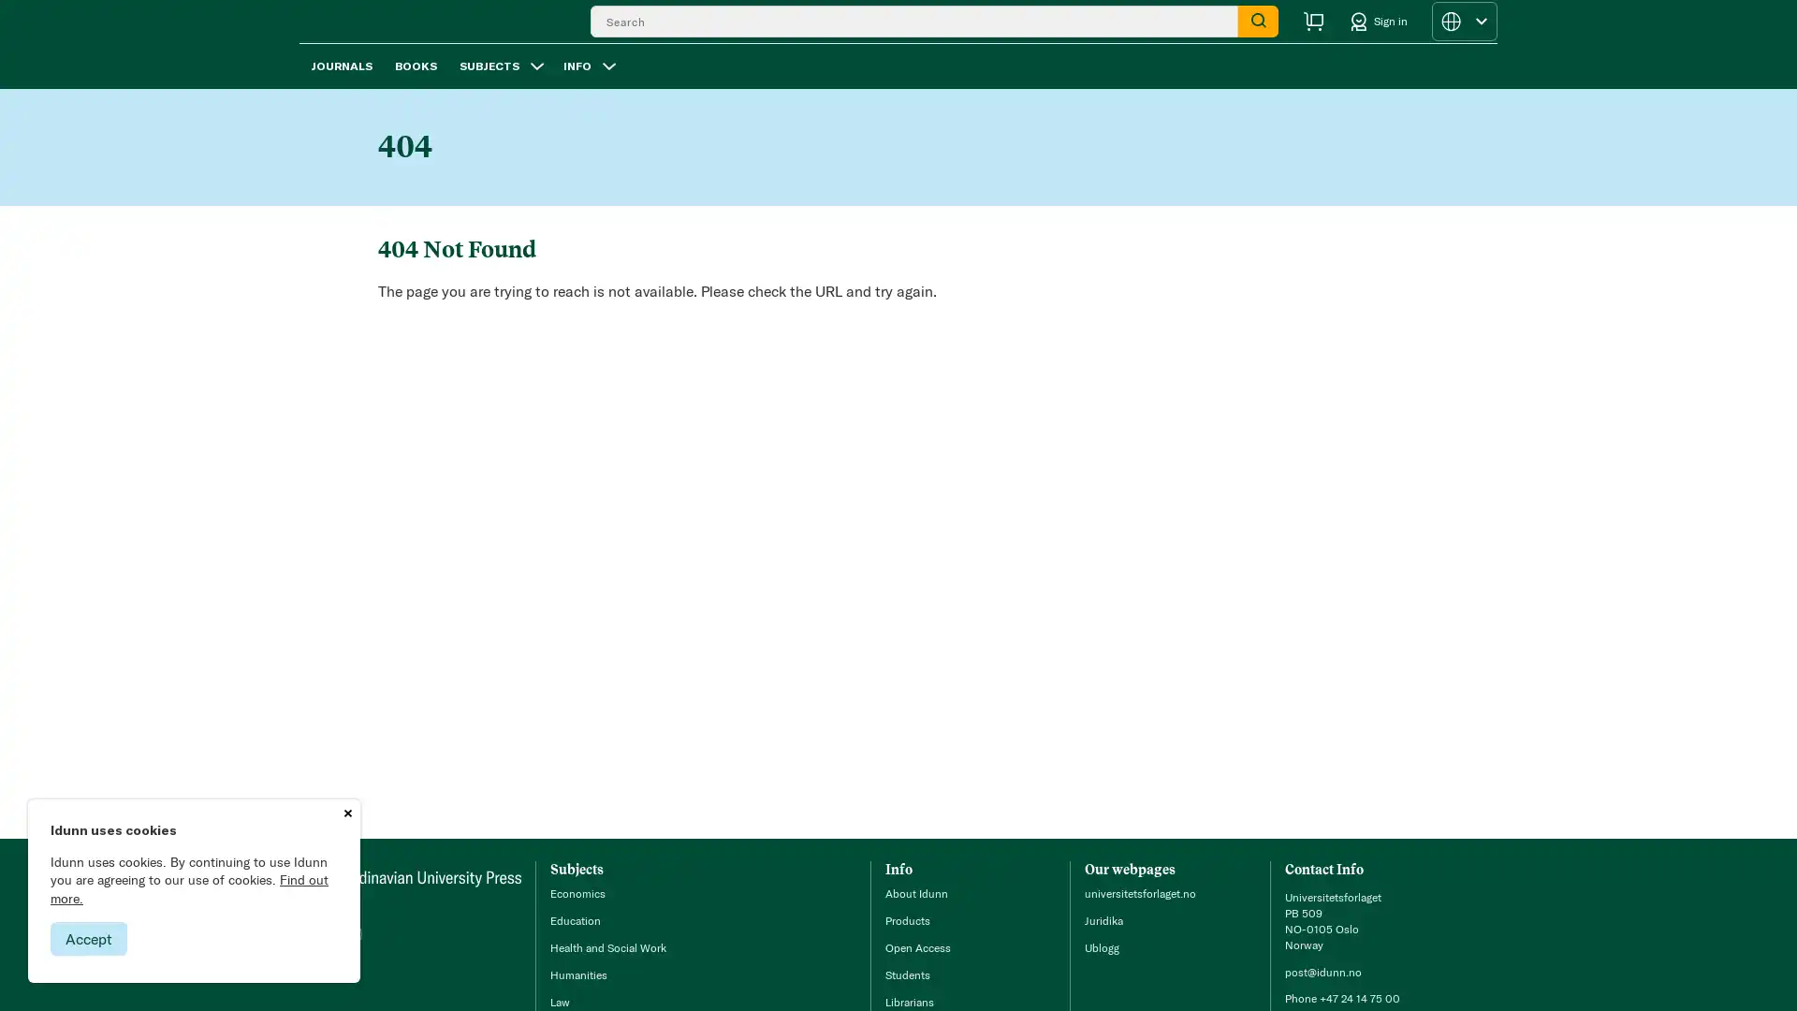  Describe the element at coordinates (1258, 32) in the screenshot. I see `Search` at that location.